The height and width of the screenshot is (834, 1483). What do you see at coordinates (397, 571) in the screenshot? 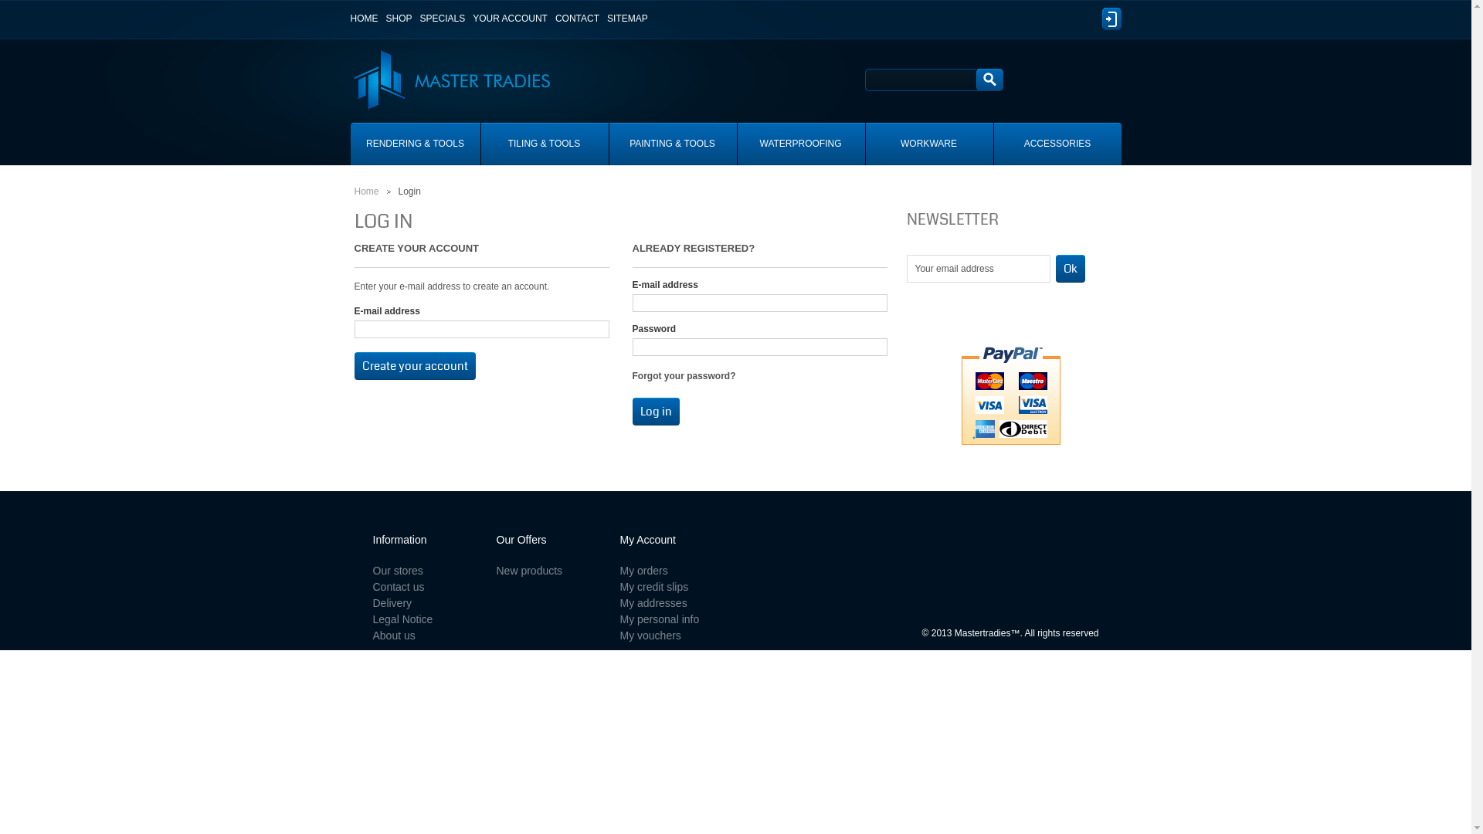
I see `'Our stores'` at bounding box center [397, 571].